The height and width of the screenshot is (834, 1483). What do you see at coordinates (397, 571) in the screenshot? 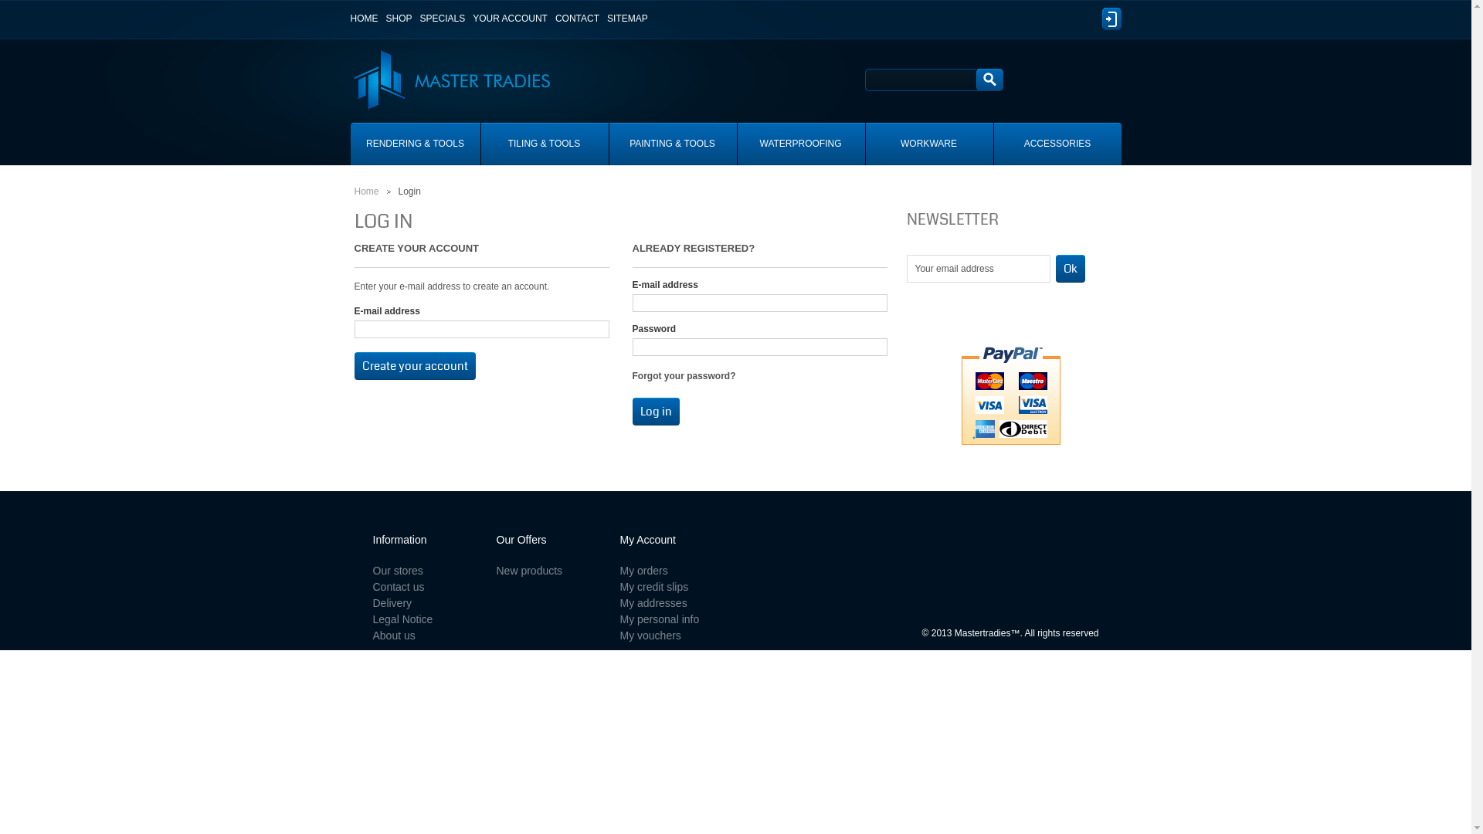
I see `'Our stores'` at bounding box center [397, 571].